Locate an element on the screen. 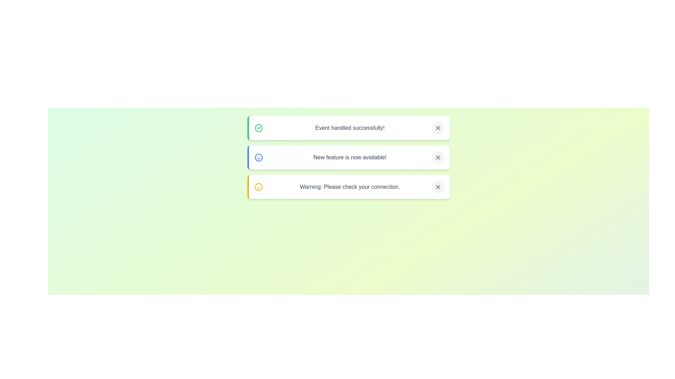  the 'X' icon element located on the right-hand side of the top message box in the UI, which functions as a close or dismiss action is located at coordinates (437, 128).